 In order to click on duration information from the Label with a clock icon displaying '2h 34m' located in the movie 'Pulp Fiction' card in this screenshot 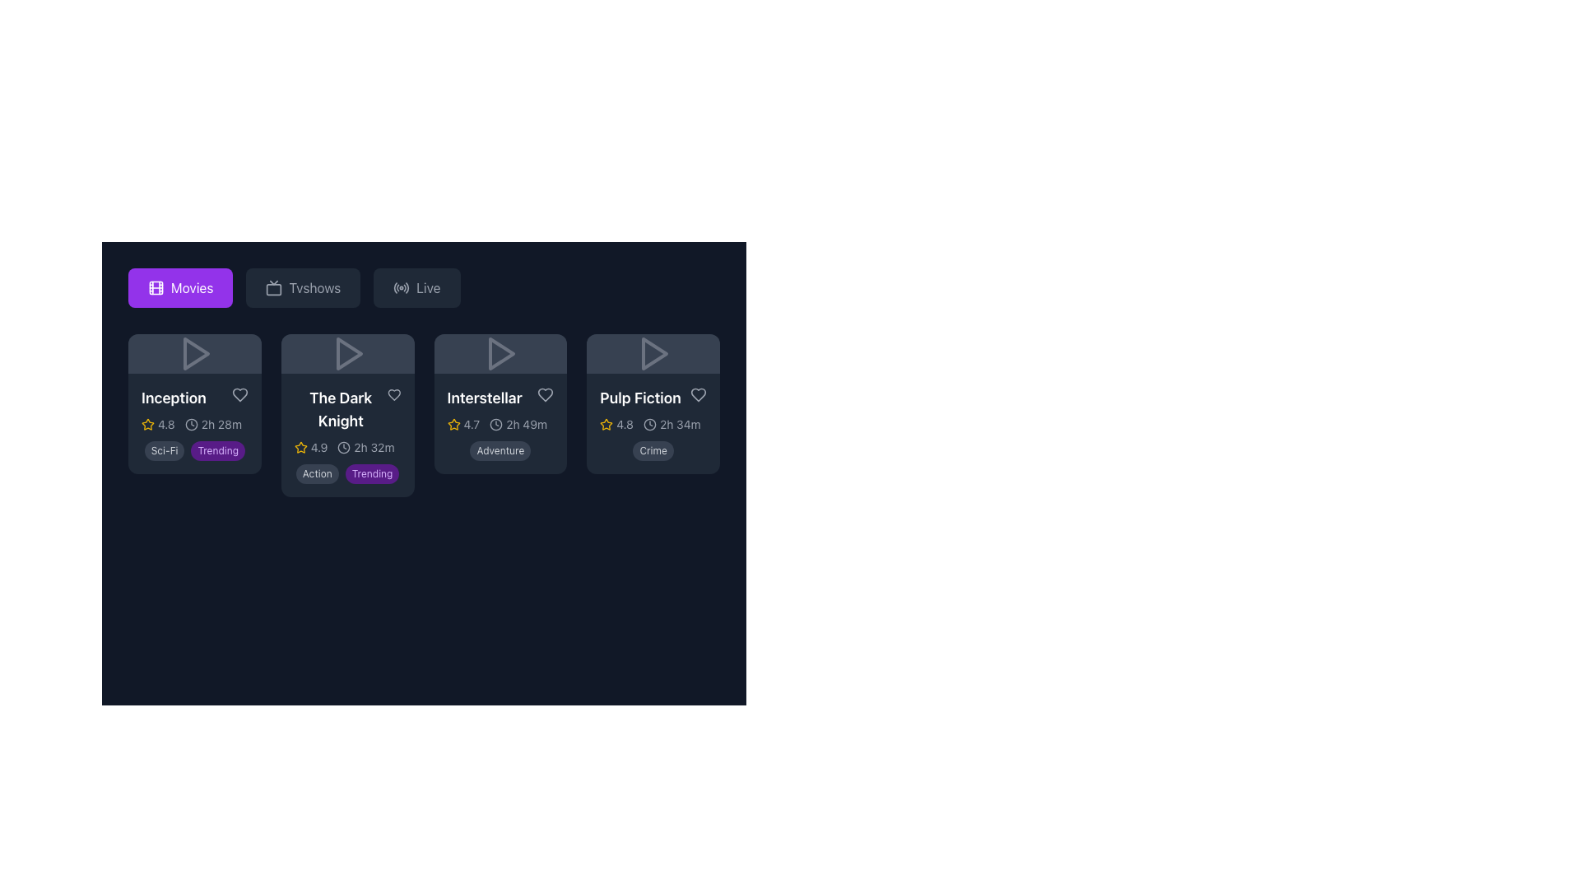, I will do `click(671, 424)`.